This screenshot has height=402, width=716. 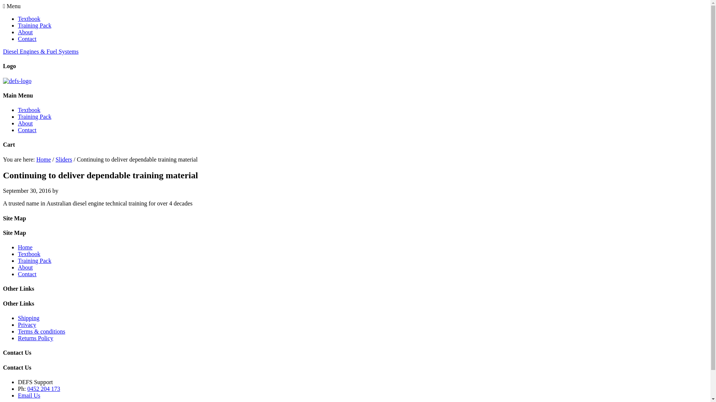 What do you see at coordinates (27, 130) in the screenshot?
I see `'Contact'` at bounding box center [27, 130].